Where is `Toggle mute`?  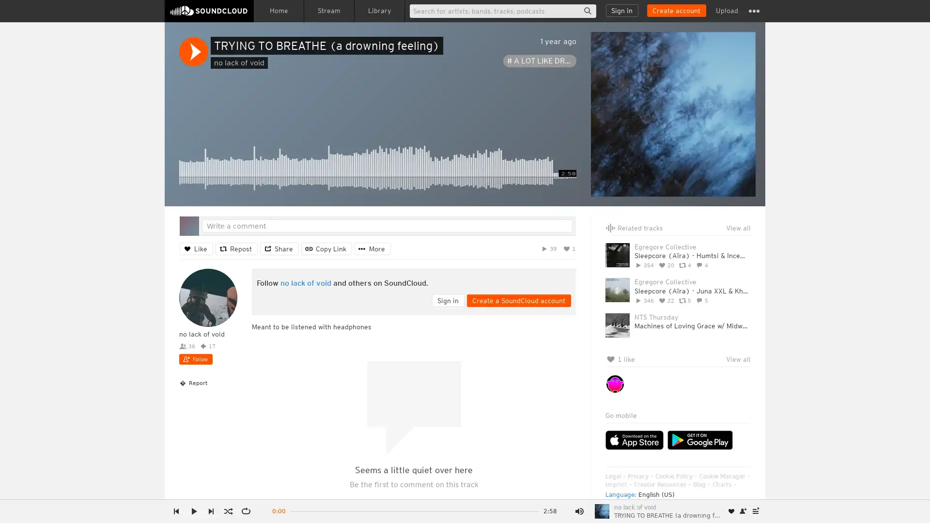
Toggle mute is located at coordinates (579, 511).